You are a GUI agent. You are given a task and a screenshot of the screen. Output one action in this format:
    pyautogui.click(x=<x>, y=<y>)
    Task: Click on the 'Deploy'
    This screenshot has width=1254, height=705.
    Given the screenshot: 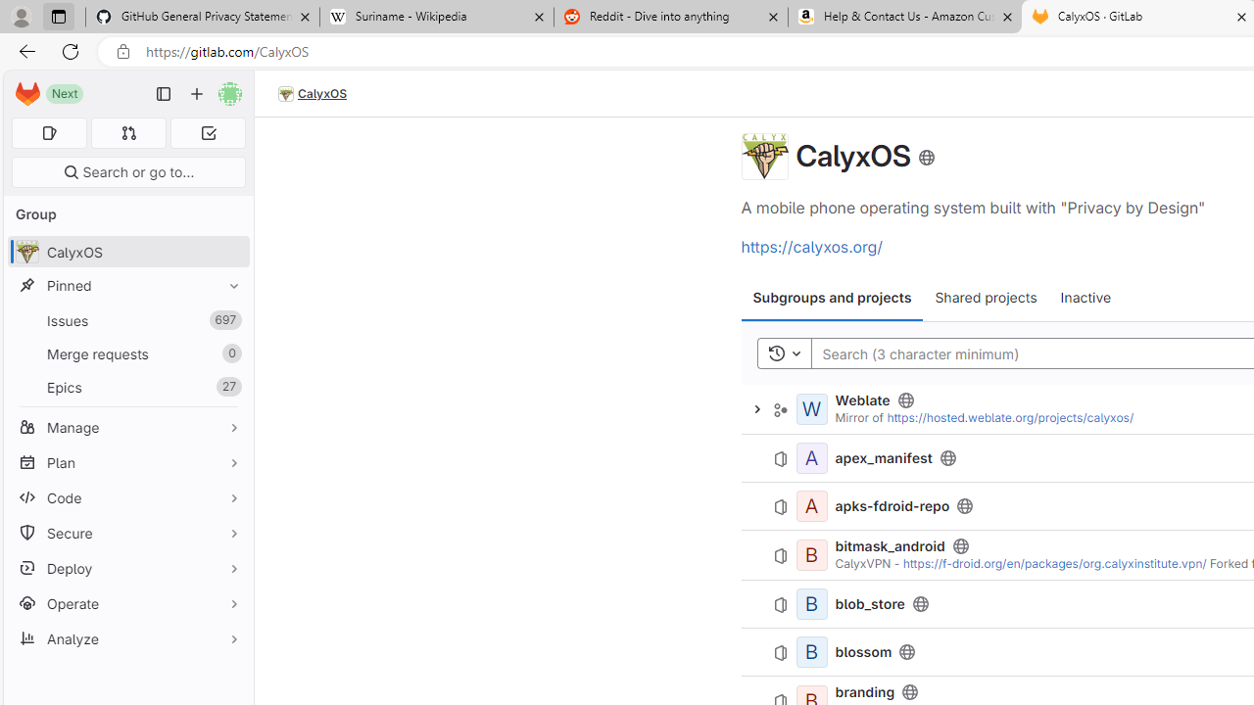 What is the action you would take?
    pyautogui.click(x=127, y=568)
    